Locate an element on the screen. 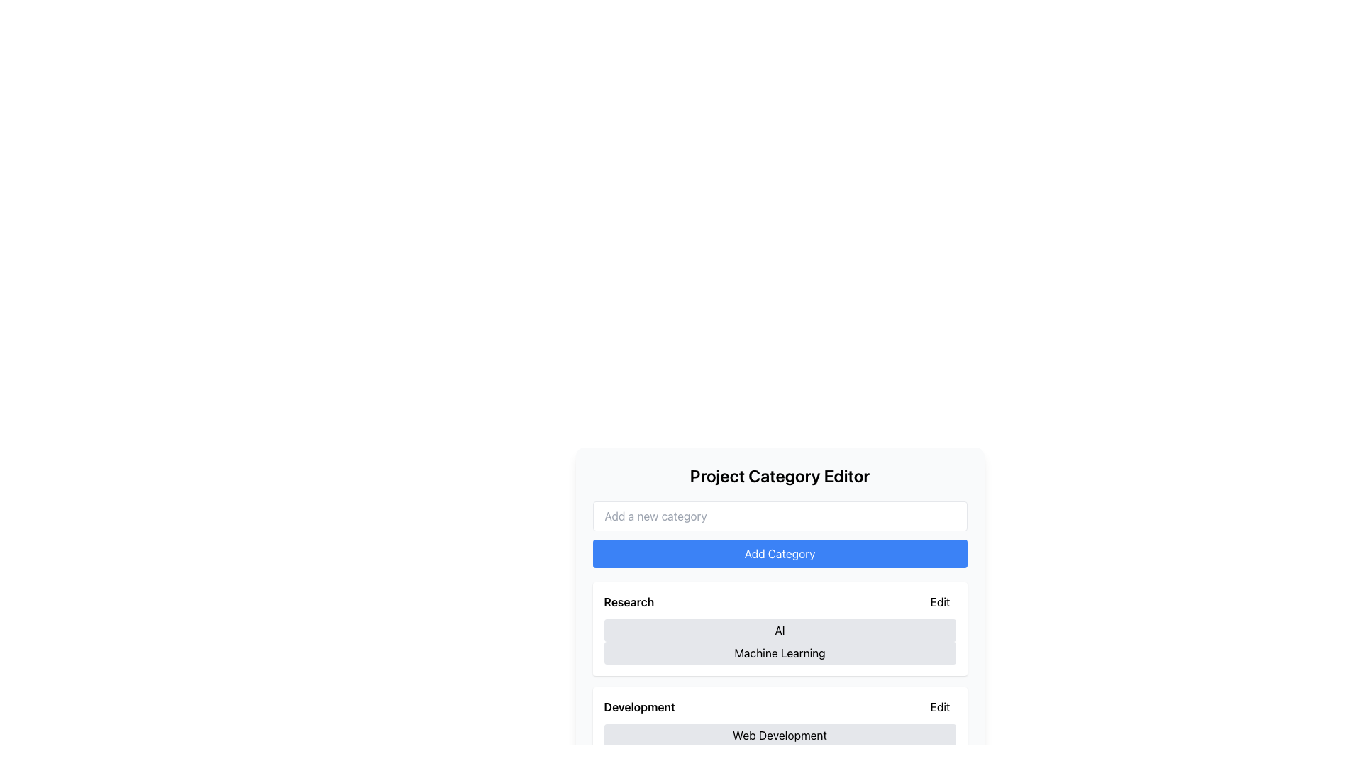 The height and width of the screenshot is (766, 1362). the bold text label that reads 'Development', styled with semibold typography and located in the categories section of the user interface is located at coordinates (638, 706).